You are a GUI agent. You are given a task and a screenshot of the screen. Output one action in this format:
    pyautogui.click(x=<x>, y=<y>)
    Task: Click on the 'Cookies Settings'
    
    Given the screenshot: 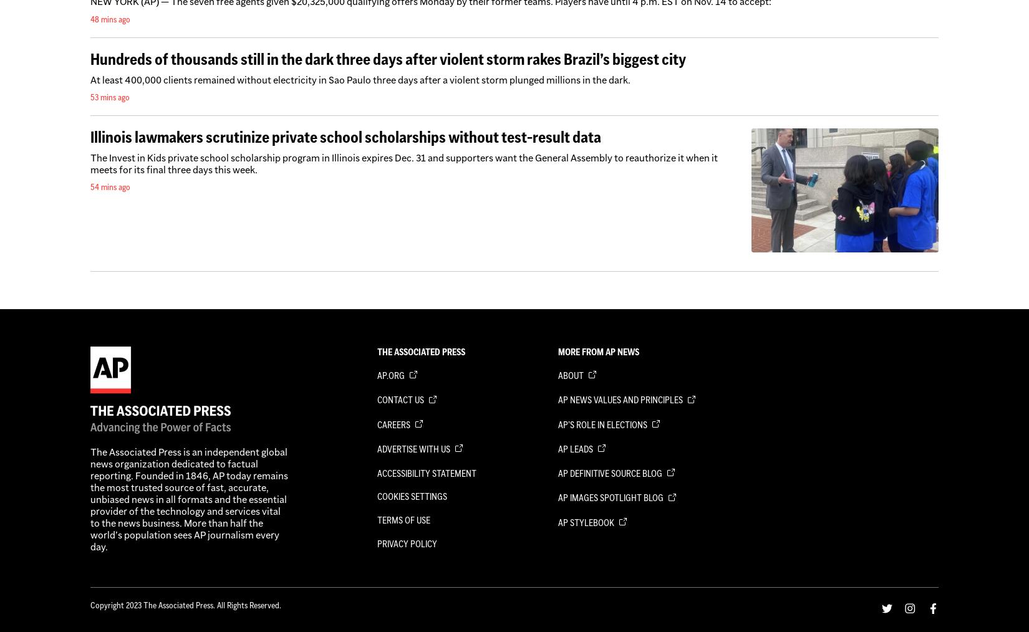 What is the action you would take?
    pyautogui.click(x=411, y=497)
    